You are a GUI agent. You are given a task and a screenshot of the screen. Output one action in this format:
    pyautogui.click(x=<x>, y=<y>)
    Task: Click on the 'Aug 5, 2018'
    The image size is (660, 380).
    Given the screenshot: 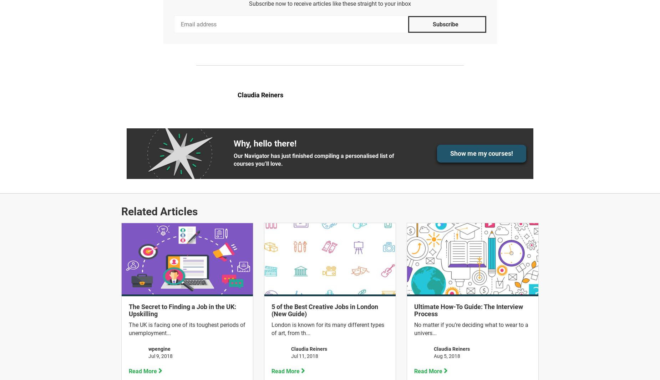 What is the action you would take?
    pyautogui.click(x=433, y=355)
    